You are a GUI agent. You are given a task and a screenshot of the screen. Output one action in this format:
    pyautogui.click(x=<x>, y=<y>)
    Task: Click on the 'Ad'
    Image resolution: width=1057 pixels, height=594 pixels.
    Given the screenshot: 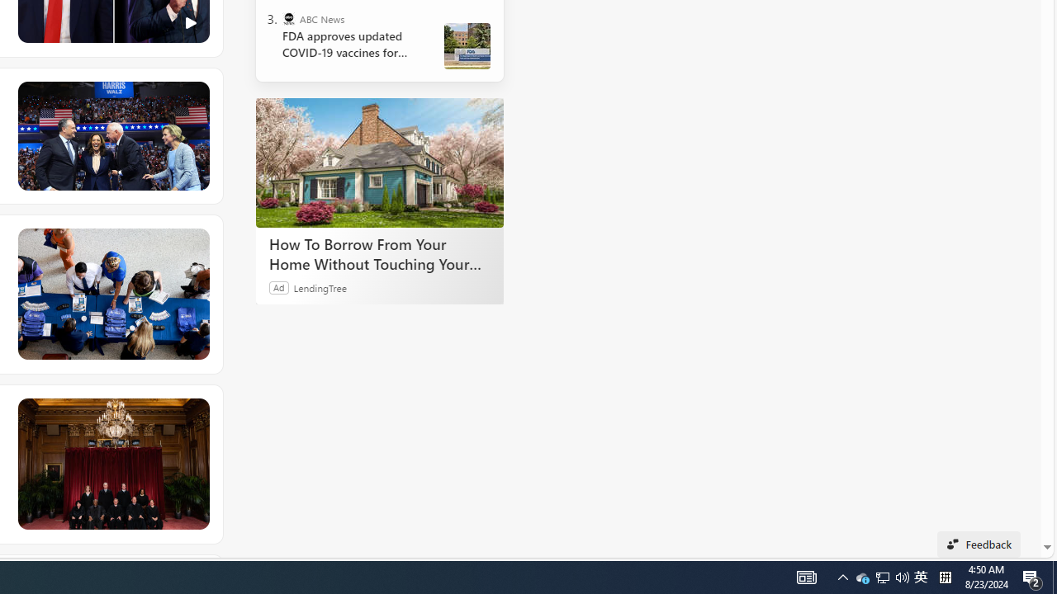 What is the action you would take?
    pyautogui.click(x=279, y=286)
    